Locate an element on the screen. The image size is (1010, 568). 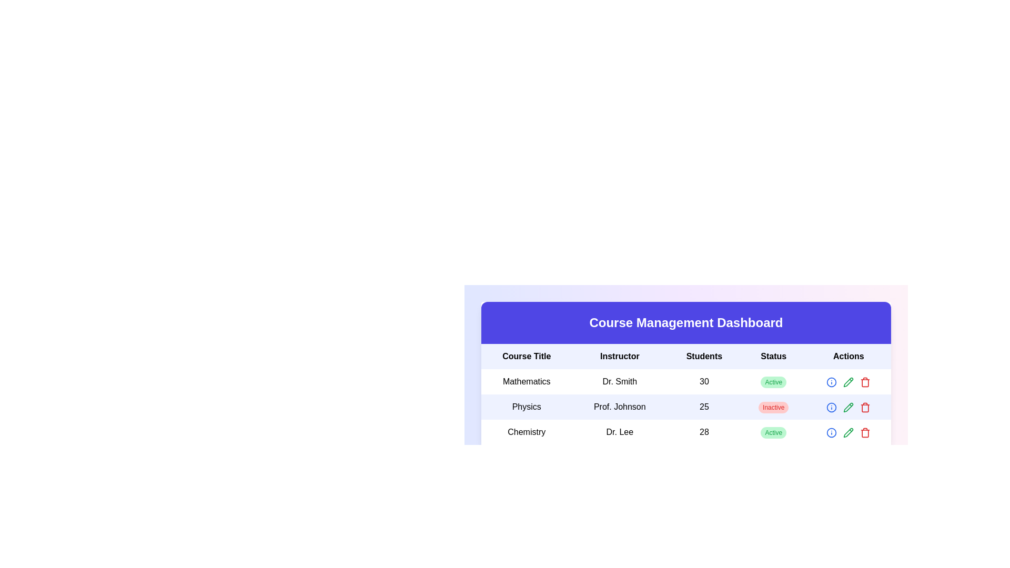
the trash icon in the 'Actions' column of the second row of the table to initiate the delete action for the 'Physics' course is located at coordinates (865, 407).